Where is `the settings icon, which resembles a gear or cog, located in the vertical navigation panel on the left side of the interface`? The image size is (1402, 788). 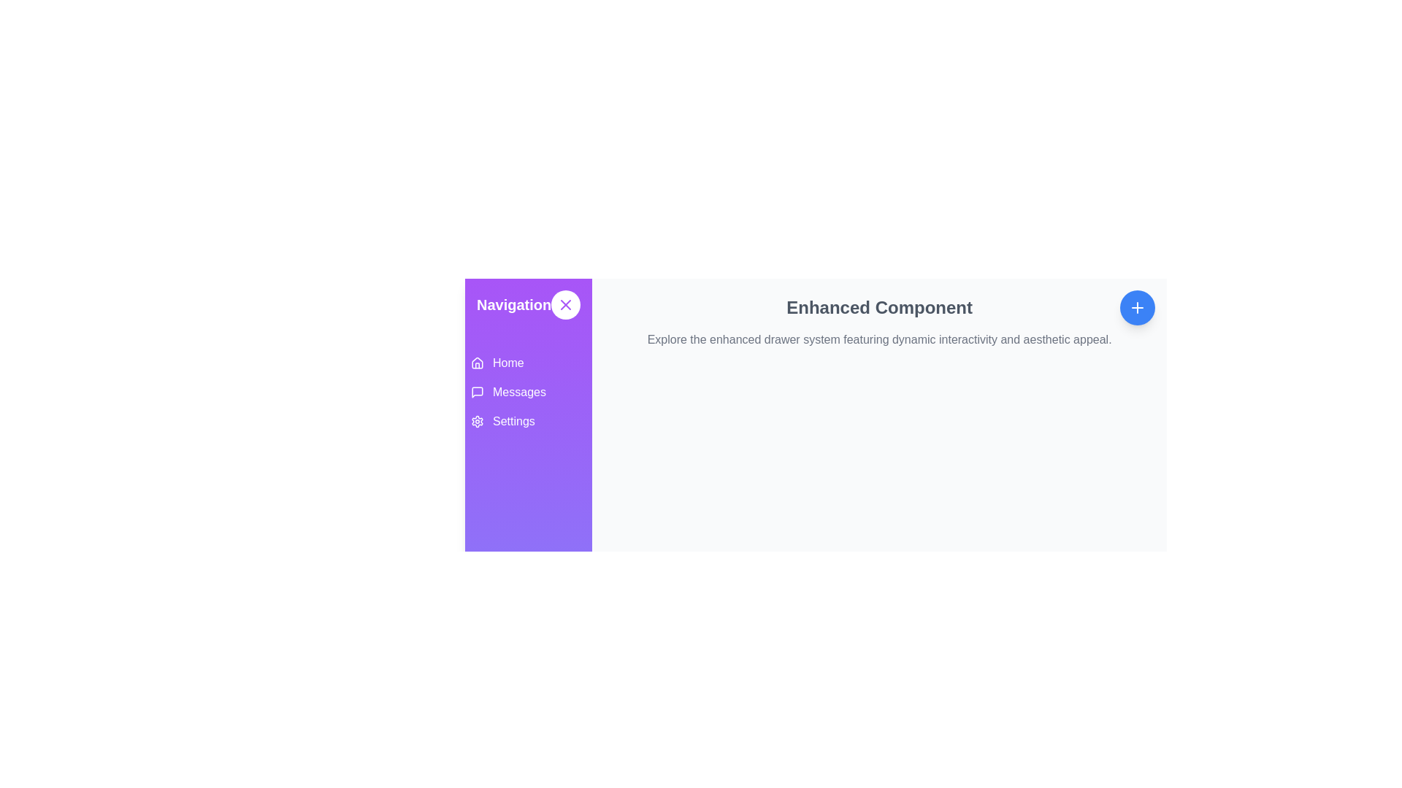 the settings icon, which resembles a gear or cog, located in the vertical navigation panel on the left side of the interface is located at coordinates (477, 422).